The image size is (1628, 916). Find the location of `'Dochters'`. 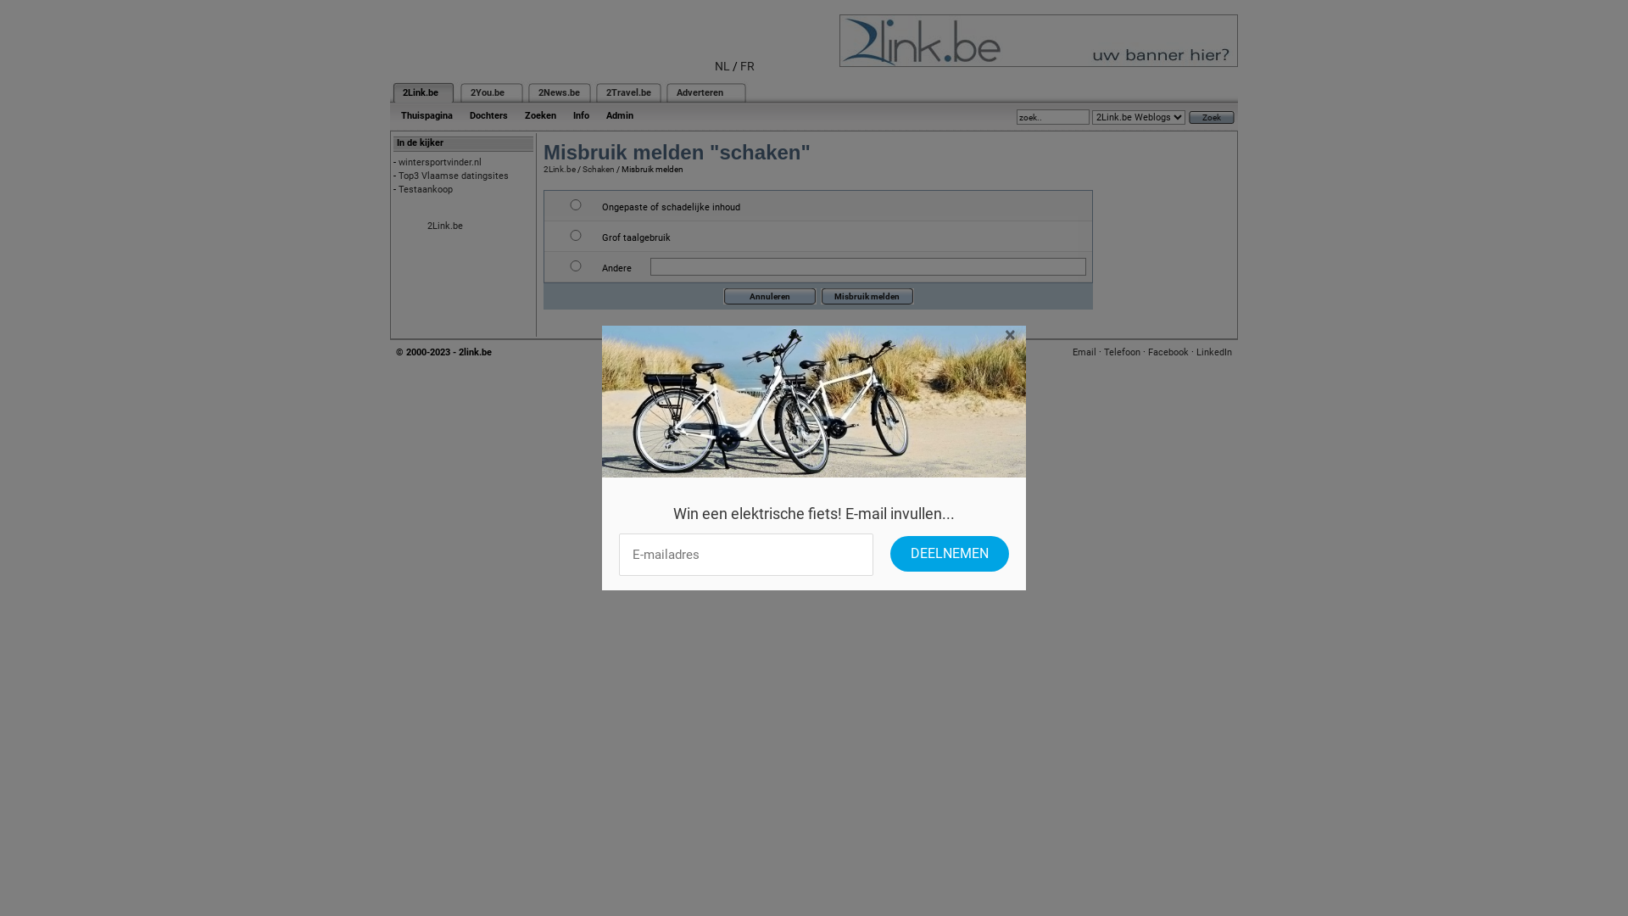

'Dochters' is located at coordinates (460, 114).